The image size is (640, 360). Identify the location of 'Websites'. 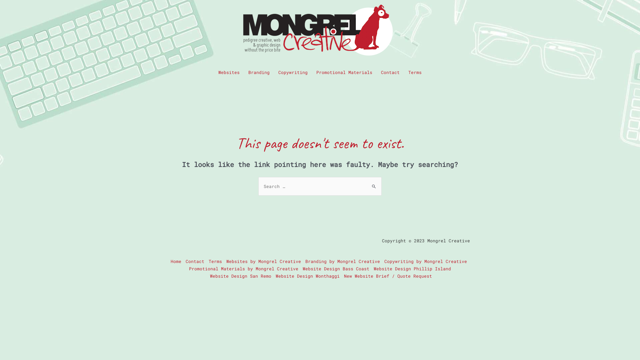
(229, 72).